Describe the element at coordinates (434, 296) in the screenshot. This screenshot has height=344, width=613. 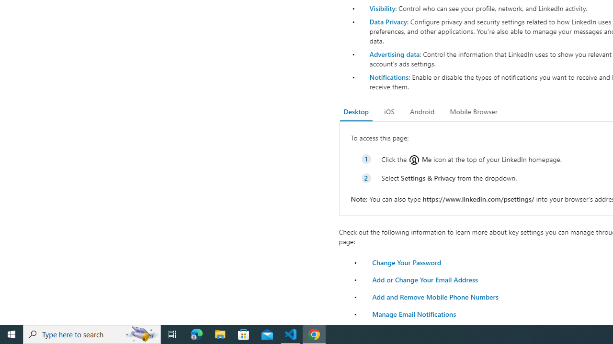
I see `'Add and Remove Mobile Phone Numbers'` at that location.